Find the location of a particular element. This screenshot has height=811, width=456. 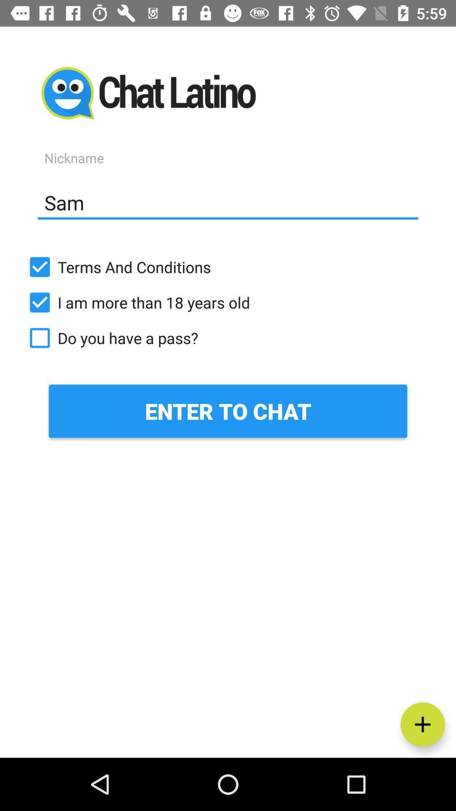

icon above the do you have item is located at coordinates (228, 302).